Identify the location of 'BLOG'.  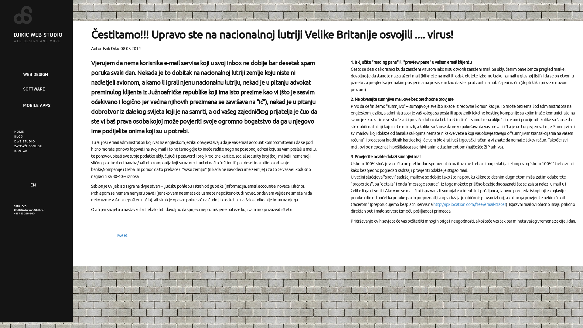
(14, 136).